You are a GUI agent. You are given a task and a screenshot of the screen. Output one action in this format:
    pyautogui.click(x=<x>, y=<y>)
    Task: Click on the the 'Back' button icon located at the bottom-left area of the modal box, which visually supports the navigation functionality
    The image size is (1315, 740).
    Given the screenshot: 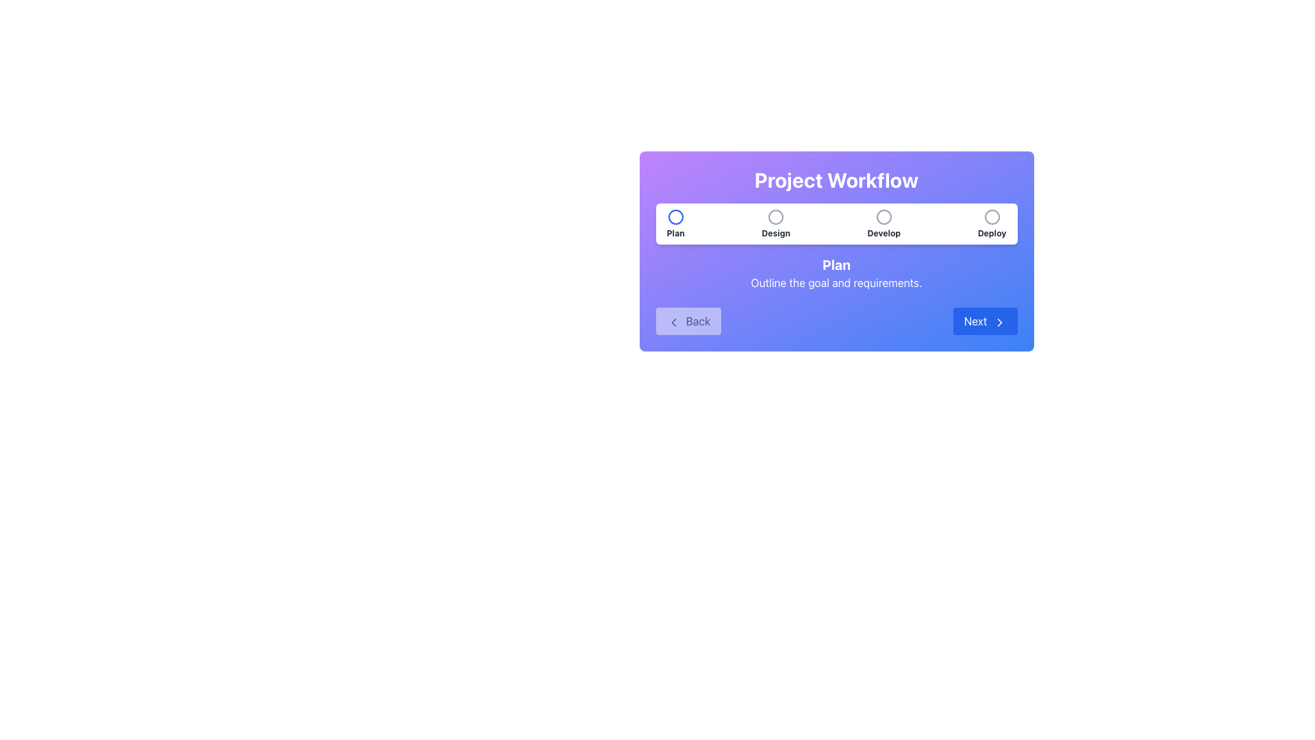 What is the action you would take?
    pyautogui.click(x=673, y=322)
    